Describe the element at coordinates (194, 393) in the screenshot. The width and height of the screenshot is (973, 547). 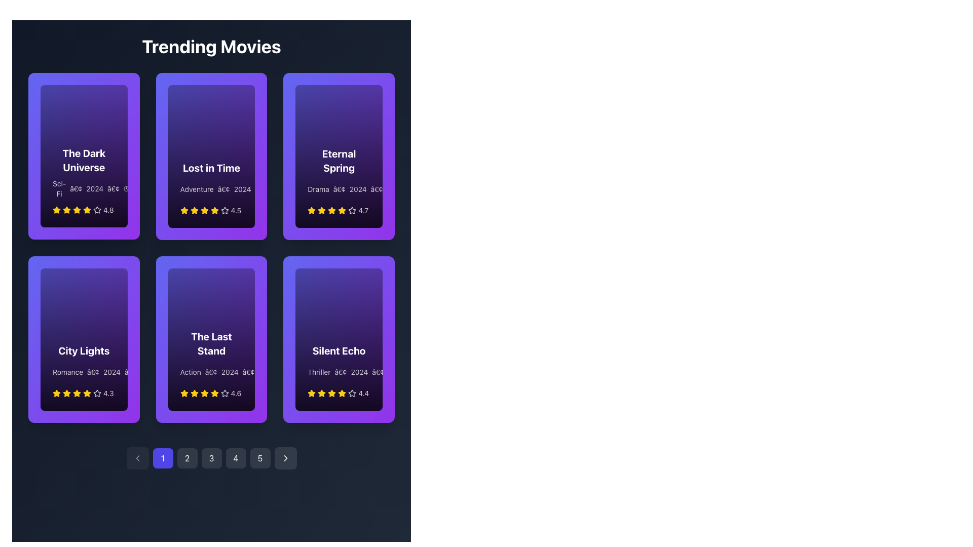
I see `the fourth star icon representing the rating level for the movie 'The Last Stand' in the 'Trending Movies' section` at that location.